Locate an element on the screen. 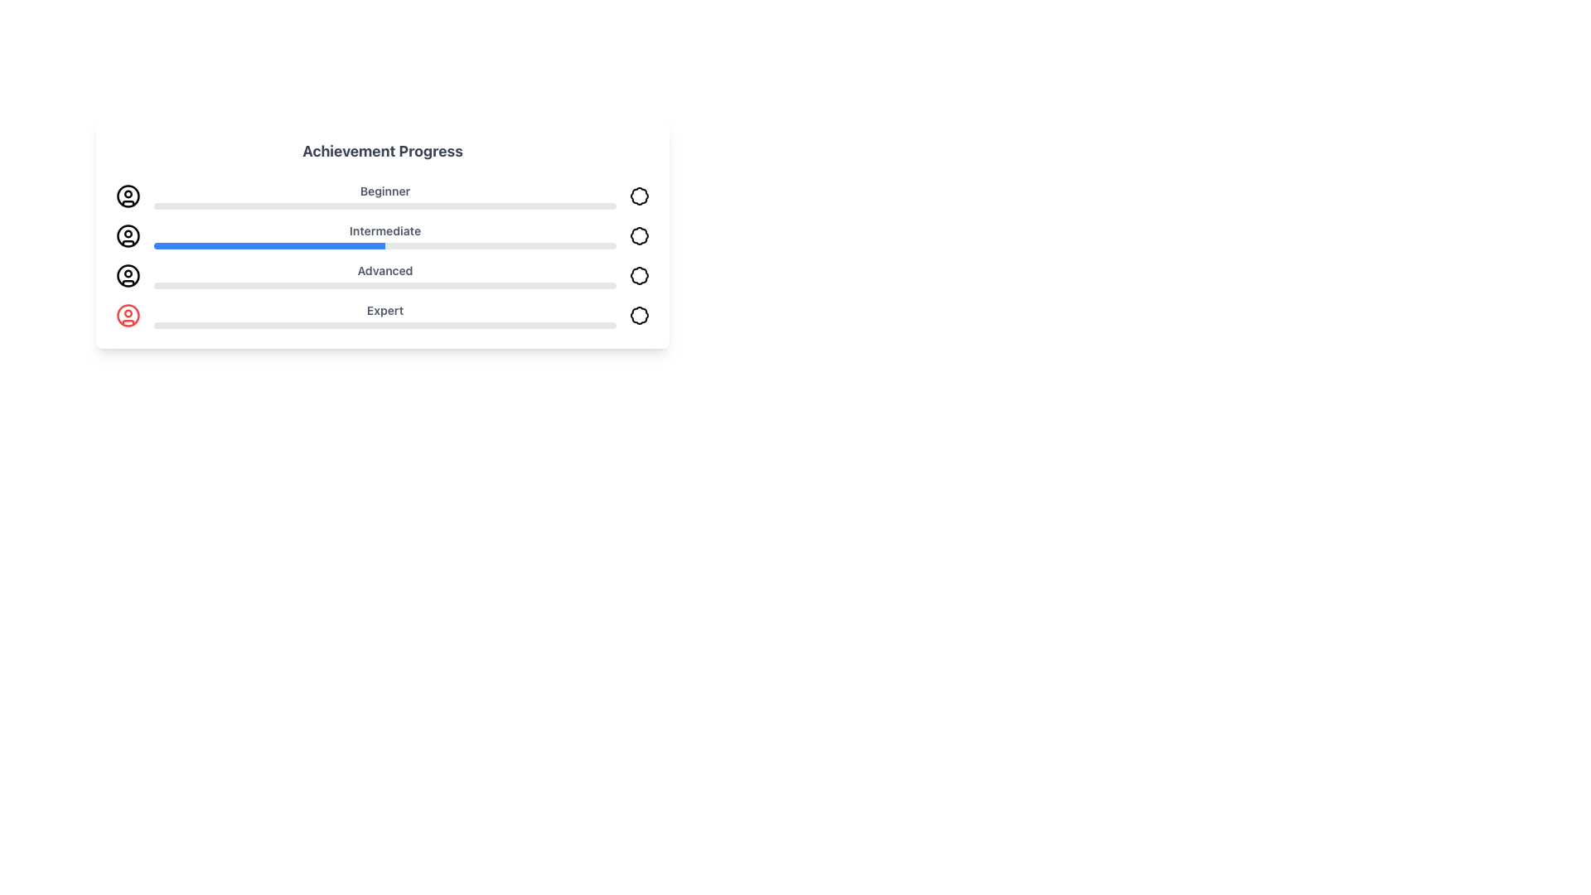 This screenshot has height=895, width=1591. the 'Intermediate' level SVG Icon, which is the second user profile icon in the achievement progress interface is located at coordinates (127, 236).